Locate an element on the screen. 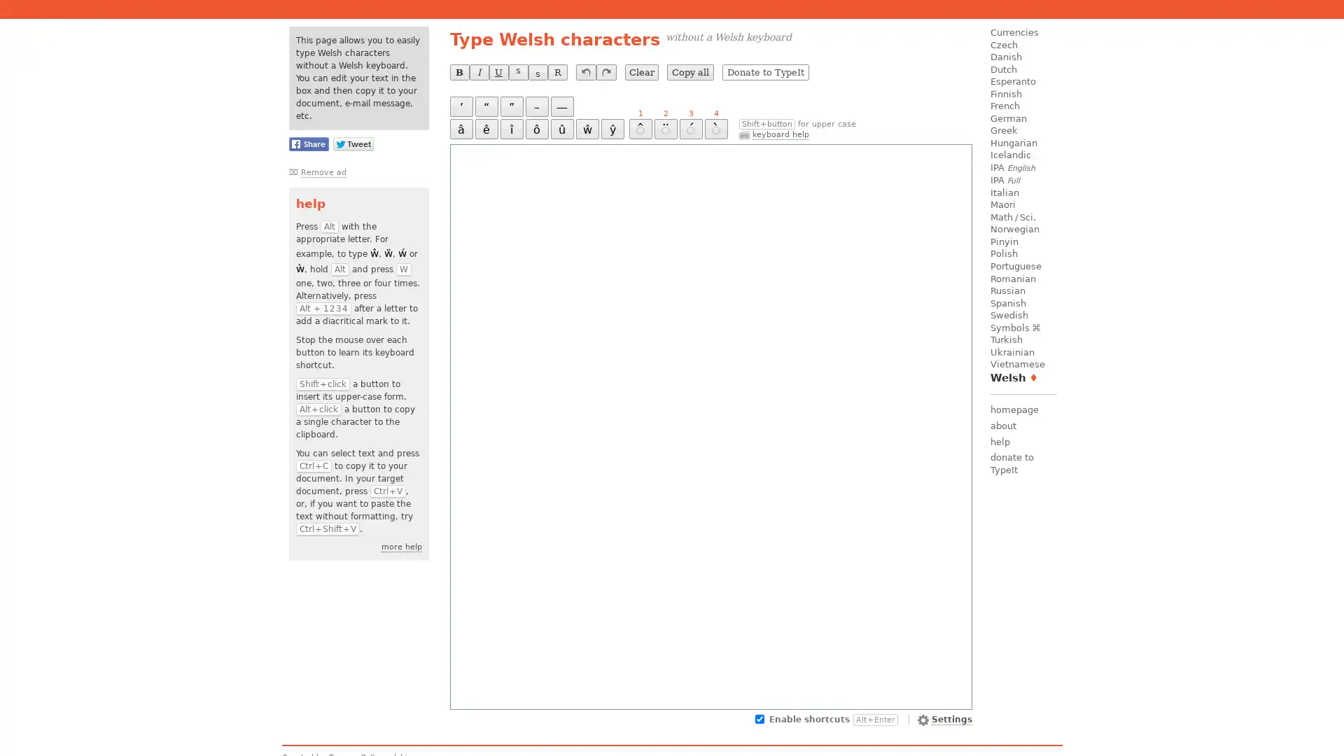 This screenshot has height=756, width=1344. S is located at coordinates (537, 72).